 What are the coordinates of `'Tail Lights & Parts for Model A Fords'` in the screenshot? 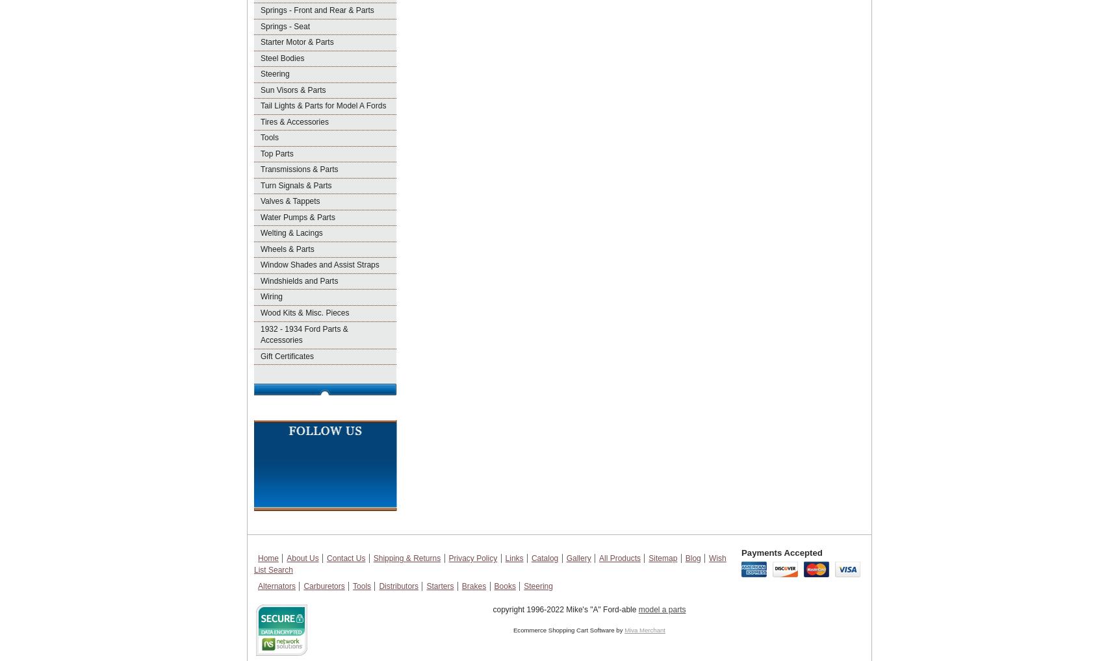 It's located at (323, 105).